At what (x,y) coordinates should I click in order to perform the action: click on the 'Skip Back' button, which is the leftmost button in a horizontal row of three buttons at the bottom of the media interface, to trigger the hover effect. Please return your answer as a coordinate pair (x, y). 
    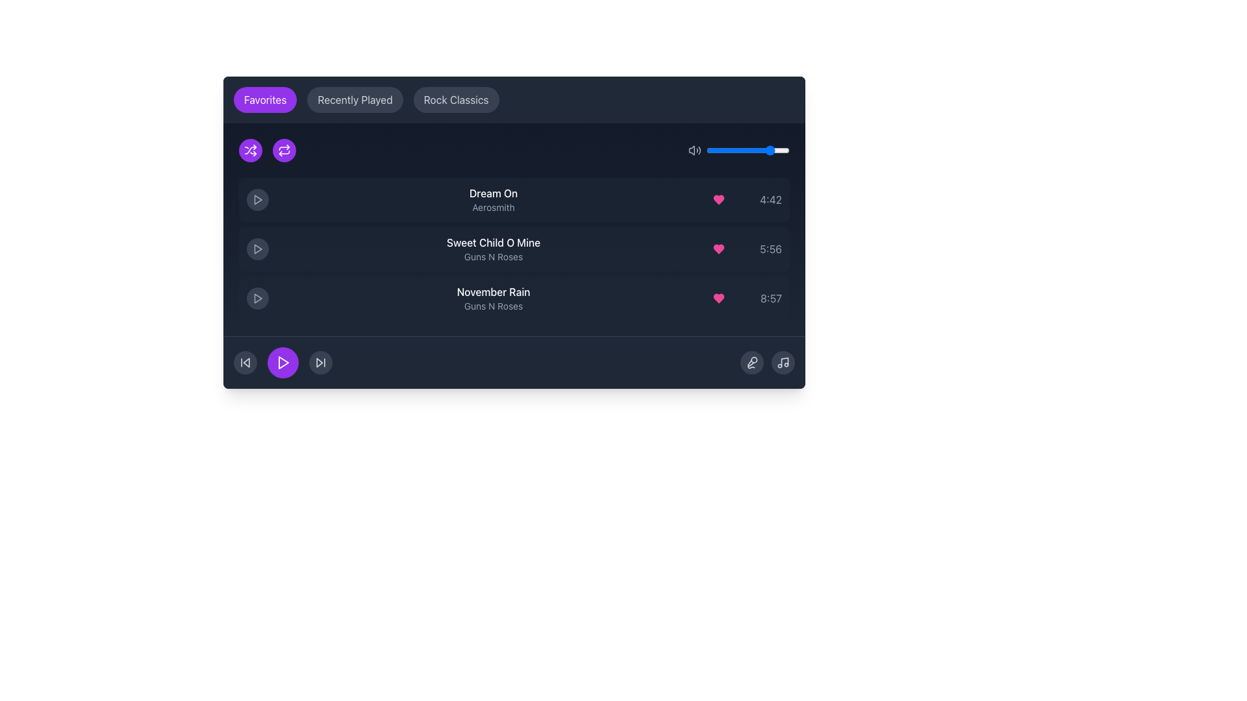
    Looking at the image, I should click on (246, 363).